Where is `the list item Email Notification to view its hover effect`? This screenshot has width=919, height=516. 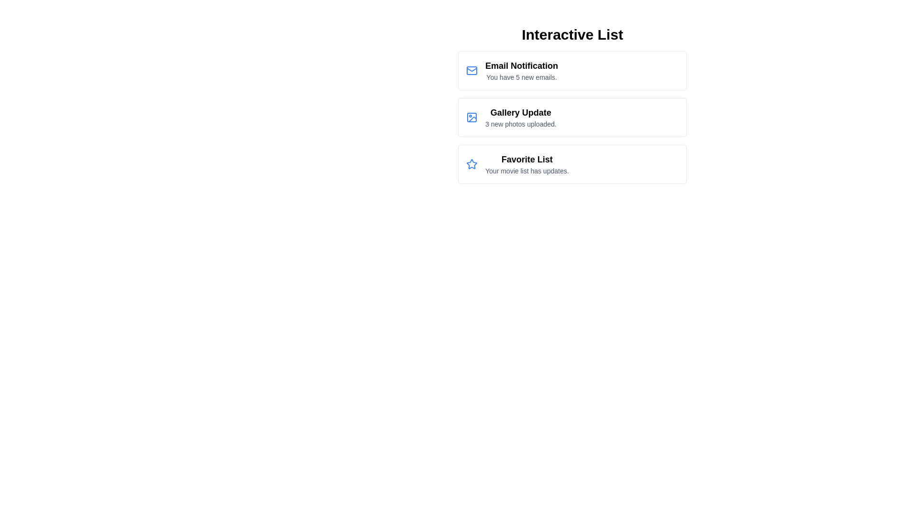
the list item Email Notification to view its hover effect is located at coordinates (572, 70).